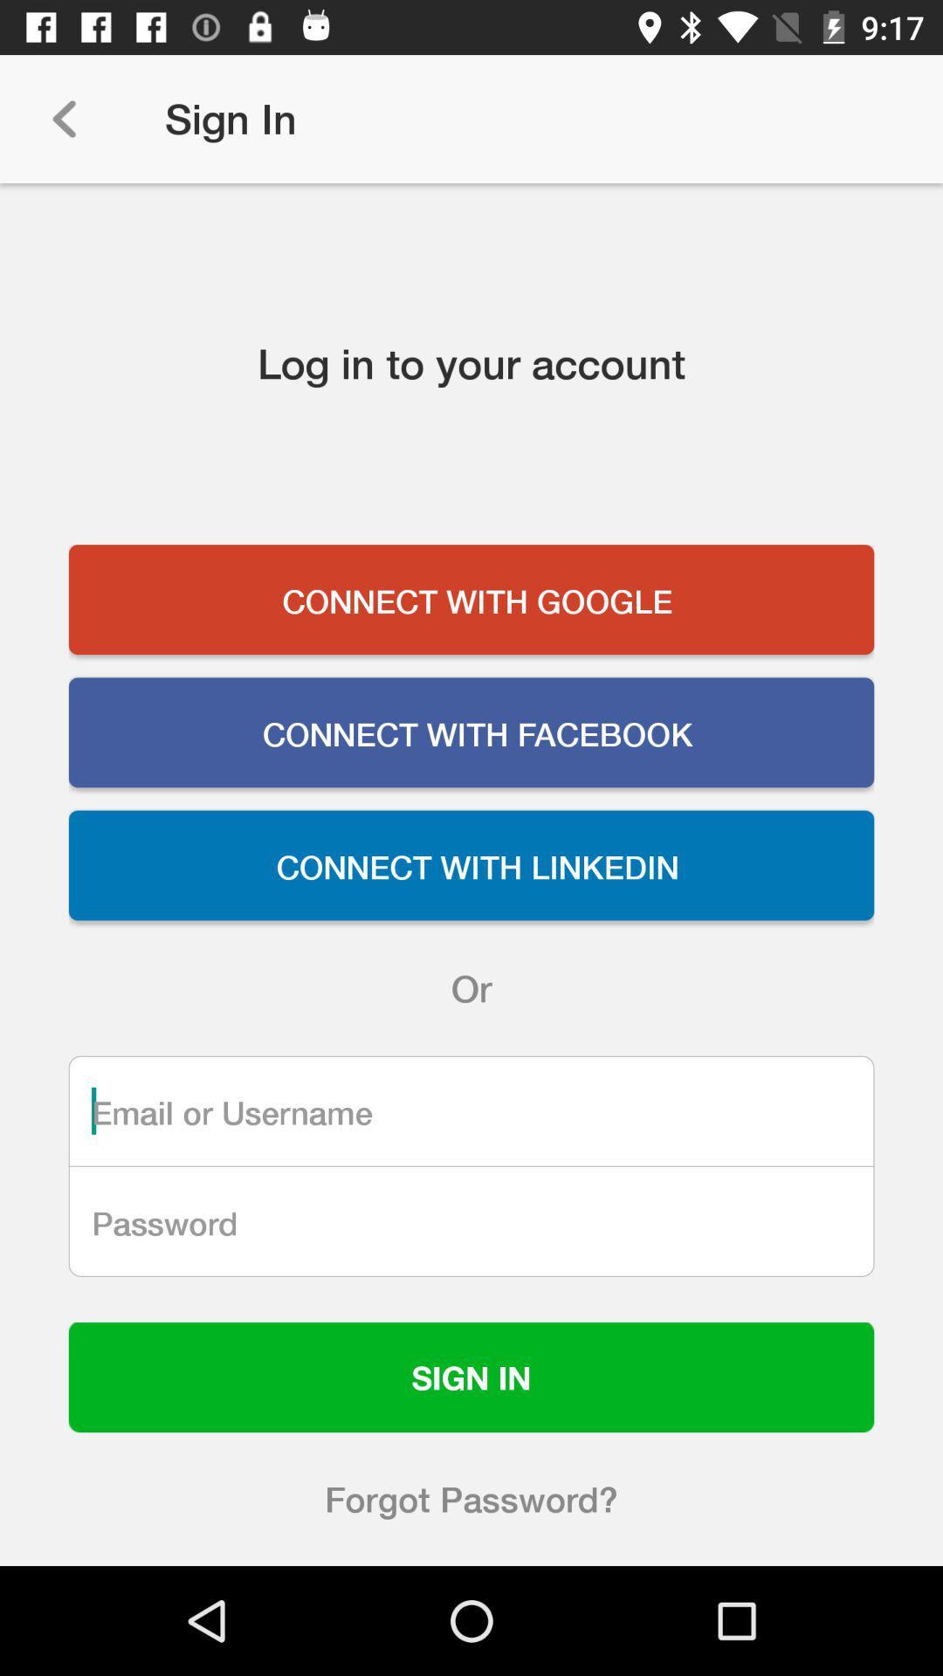 This screenshot has width=943, height=1676. Describe the element at coordinates (471, 1109) in the screenshot. I see `the item below or icon` at that location.